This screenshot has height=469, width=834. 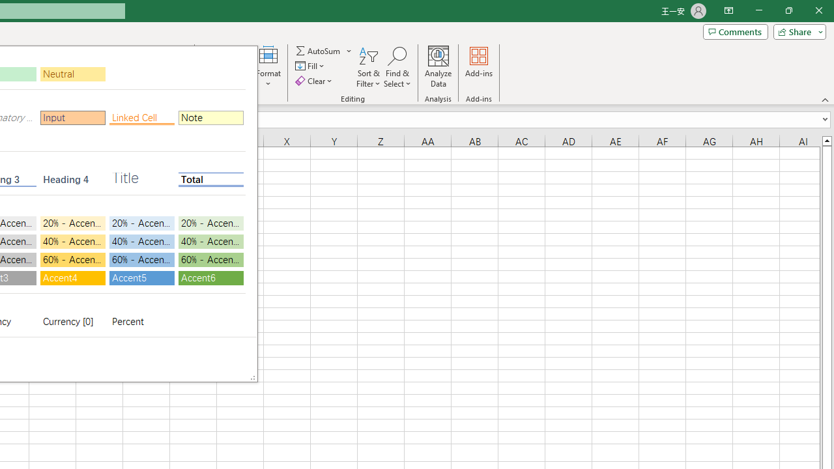 What do you see at coordinates (319, 50) in the screenshot?
I see `'Sum'` at bounding box center [319, 50].